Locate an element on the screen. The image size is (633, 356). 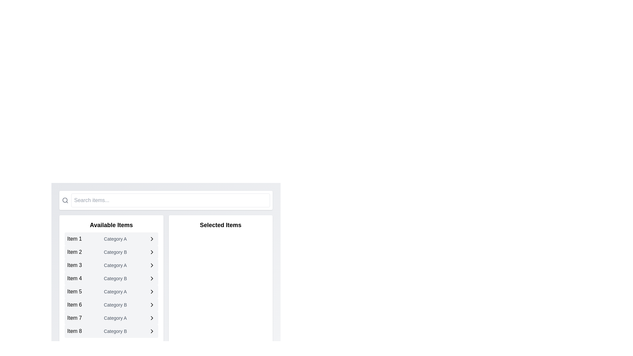
the text label in the bottommost row of the left column titled 'Available Items' is located at coordinates (74, 331).